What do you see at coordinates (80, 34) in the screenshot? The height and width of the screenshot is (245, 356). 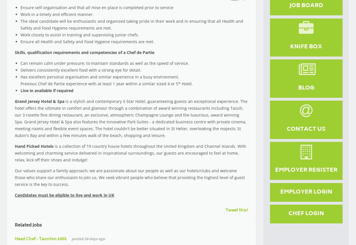 I see `'Work closely to assist in training and supervising junior chefs.'` at bounding box center [80, 34].